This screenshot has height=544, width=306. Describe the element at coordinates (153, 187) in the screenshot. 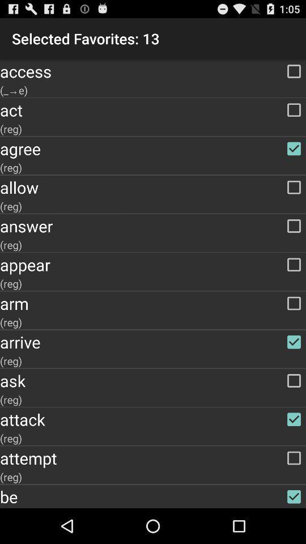

I see `item below (reg)  app` at that location.